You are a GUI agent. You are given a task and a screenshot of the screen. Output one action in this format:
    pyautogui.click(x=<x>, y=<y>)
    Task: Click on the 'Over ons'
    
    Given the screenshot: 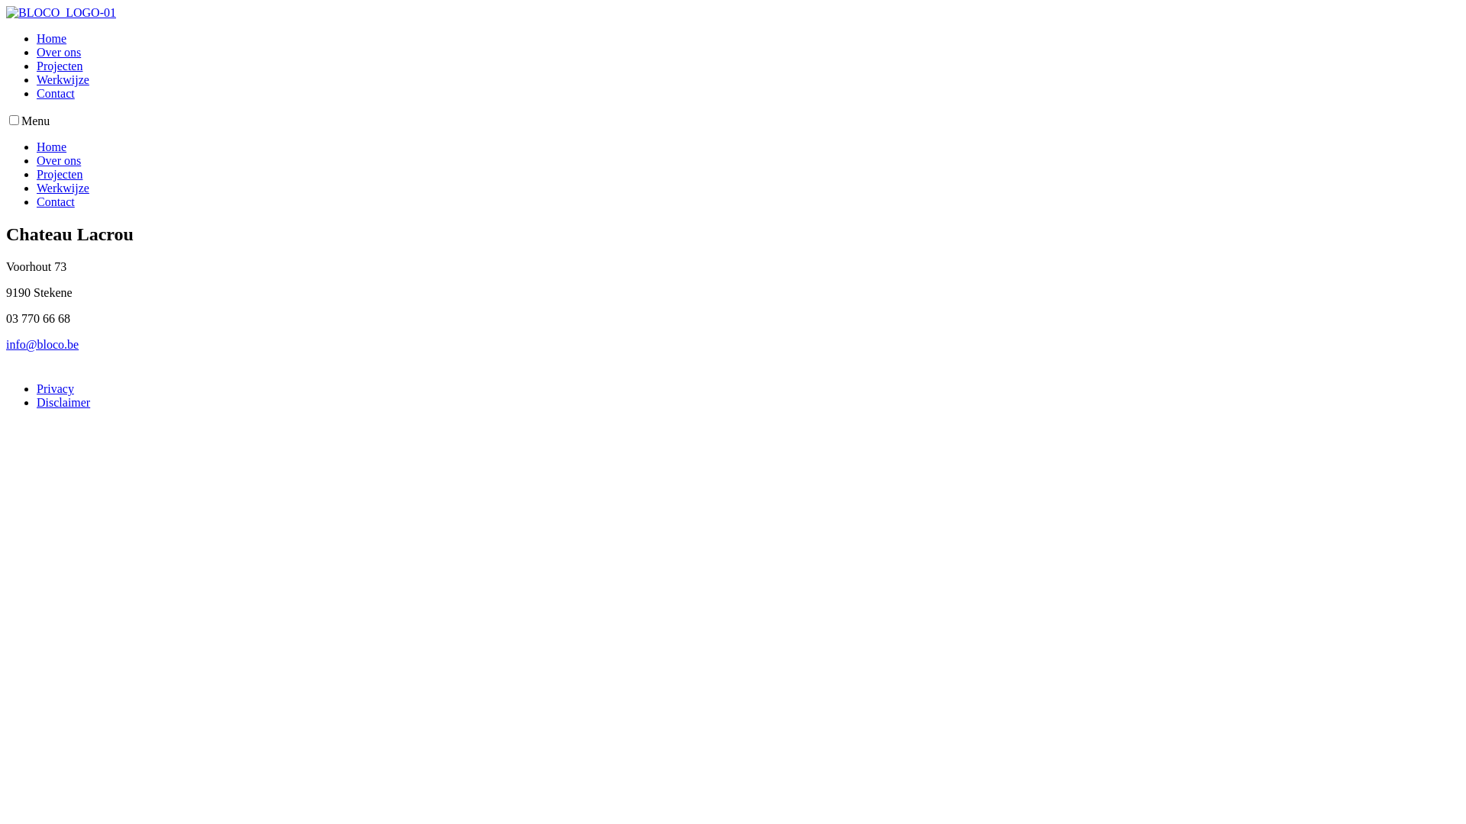 What is the action you would take?
    pyautogui.click(x=58, y=51)
    